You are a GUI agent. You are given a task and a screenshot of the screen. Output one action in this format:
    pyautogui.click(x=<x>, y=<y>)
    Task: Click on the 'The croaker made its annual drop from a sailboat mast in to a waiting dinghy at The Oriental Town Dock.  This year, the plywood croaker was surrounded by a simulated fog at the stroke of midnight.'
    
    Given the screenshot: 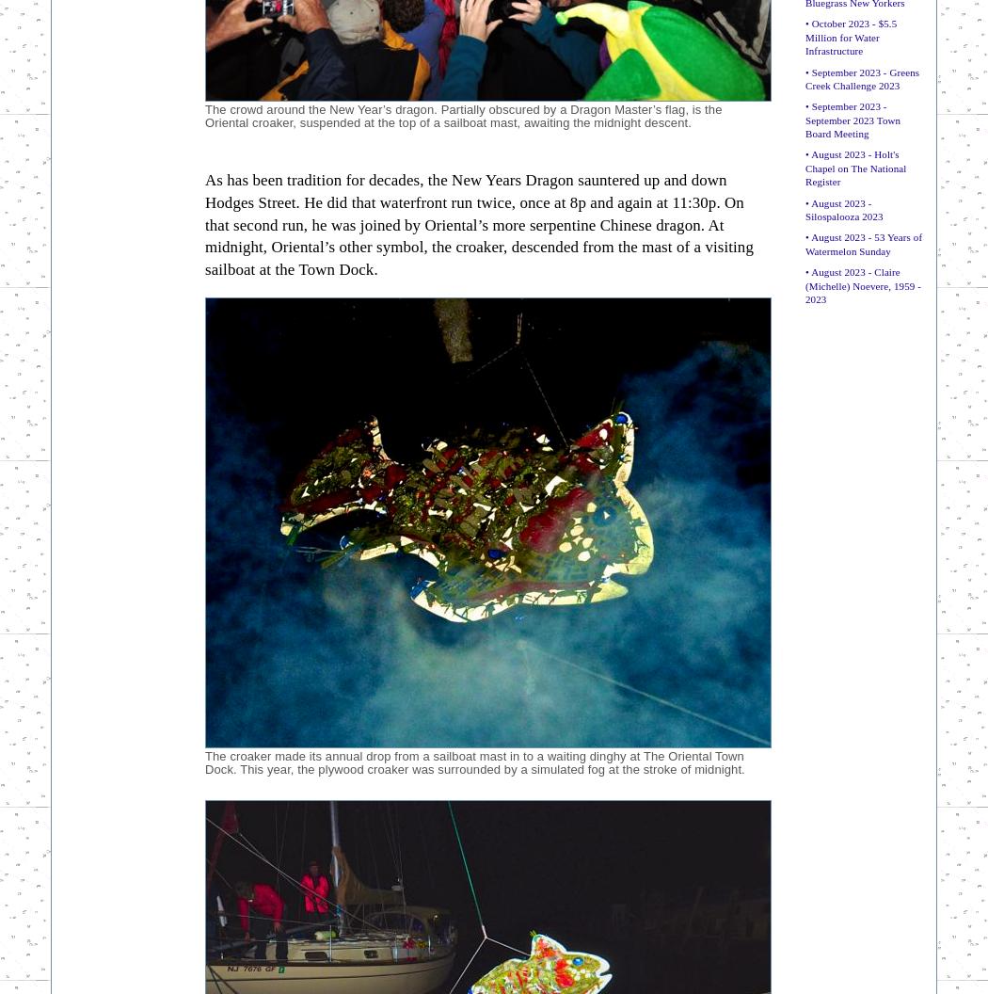 What is the action you would take?
    pyautogui.click(x=473, y=762)
    